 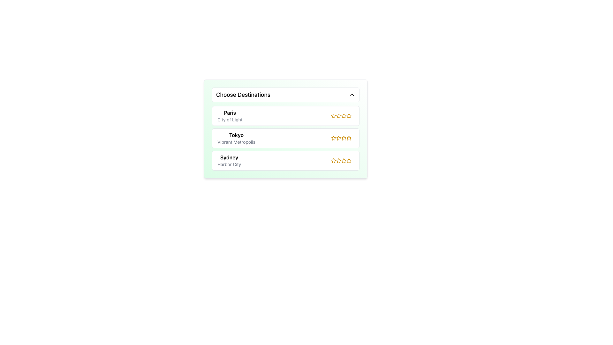 I want to click on the third star icon in the horizontal row of five stars, located near the 'Sydney' label, to trigger tooltip or highlight effects, so click(x=349, y=160).